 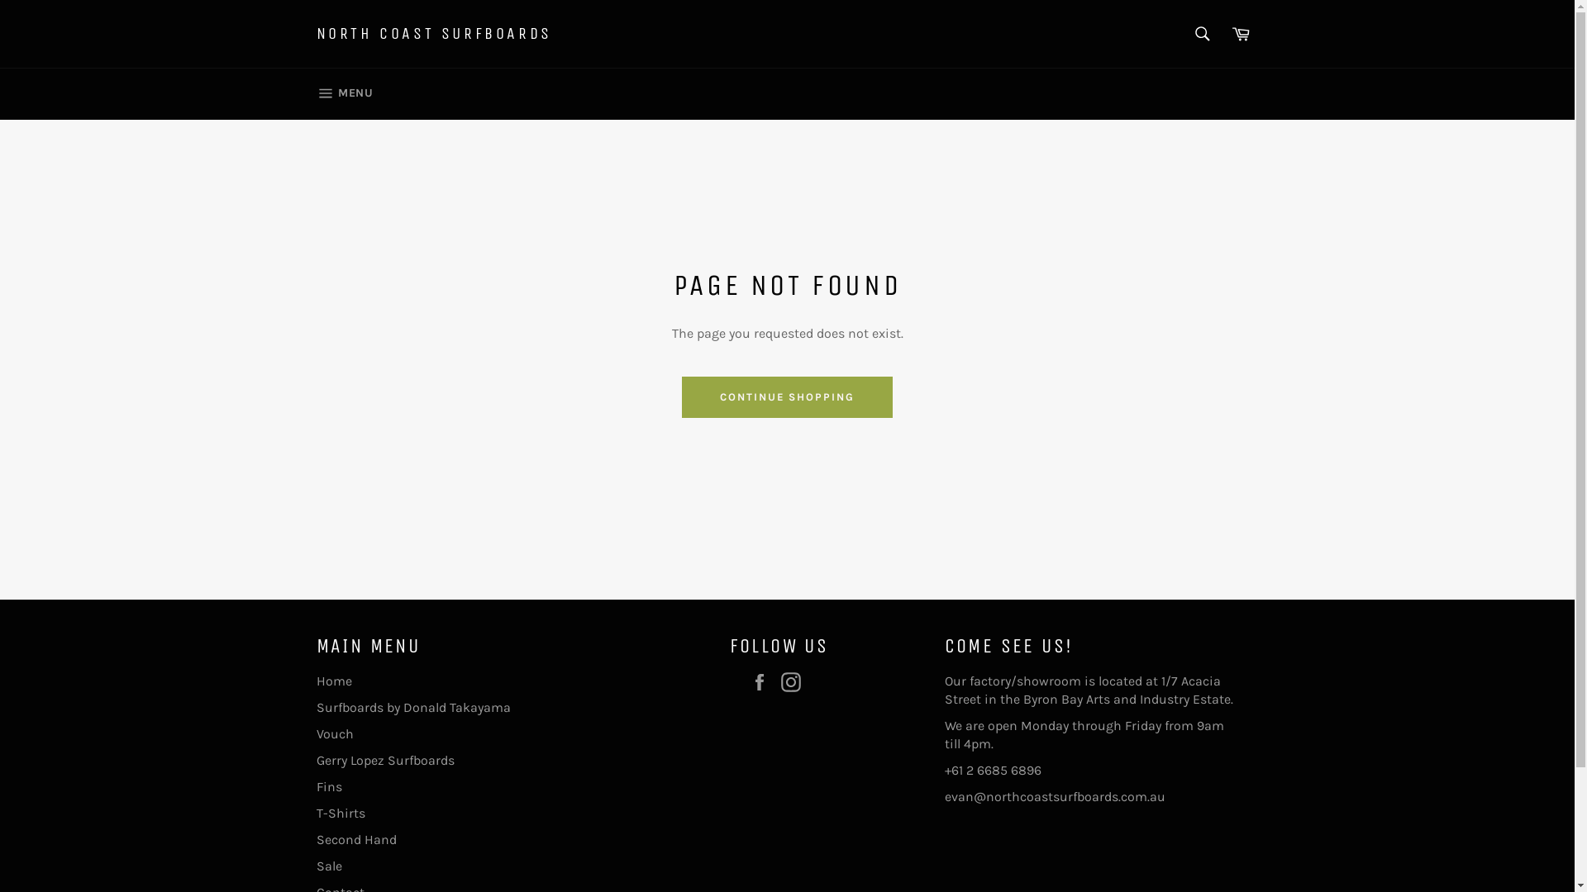 What do you see at coordinates (339, 812) in the screenshot?
I see `'T-Shirts'` at bounding box center [339, 812].